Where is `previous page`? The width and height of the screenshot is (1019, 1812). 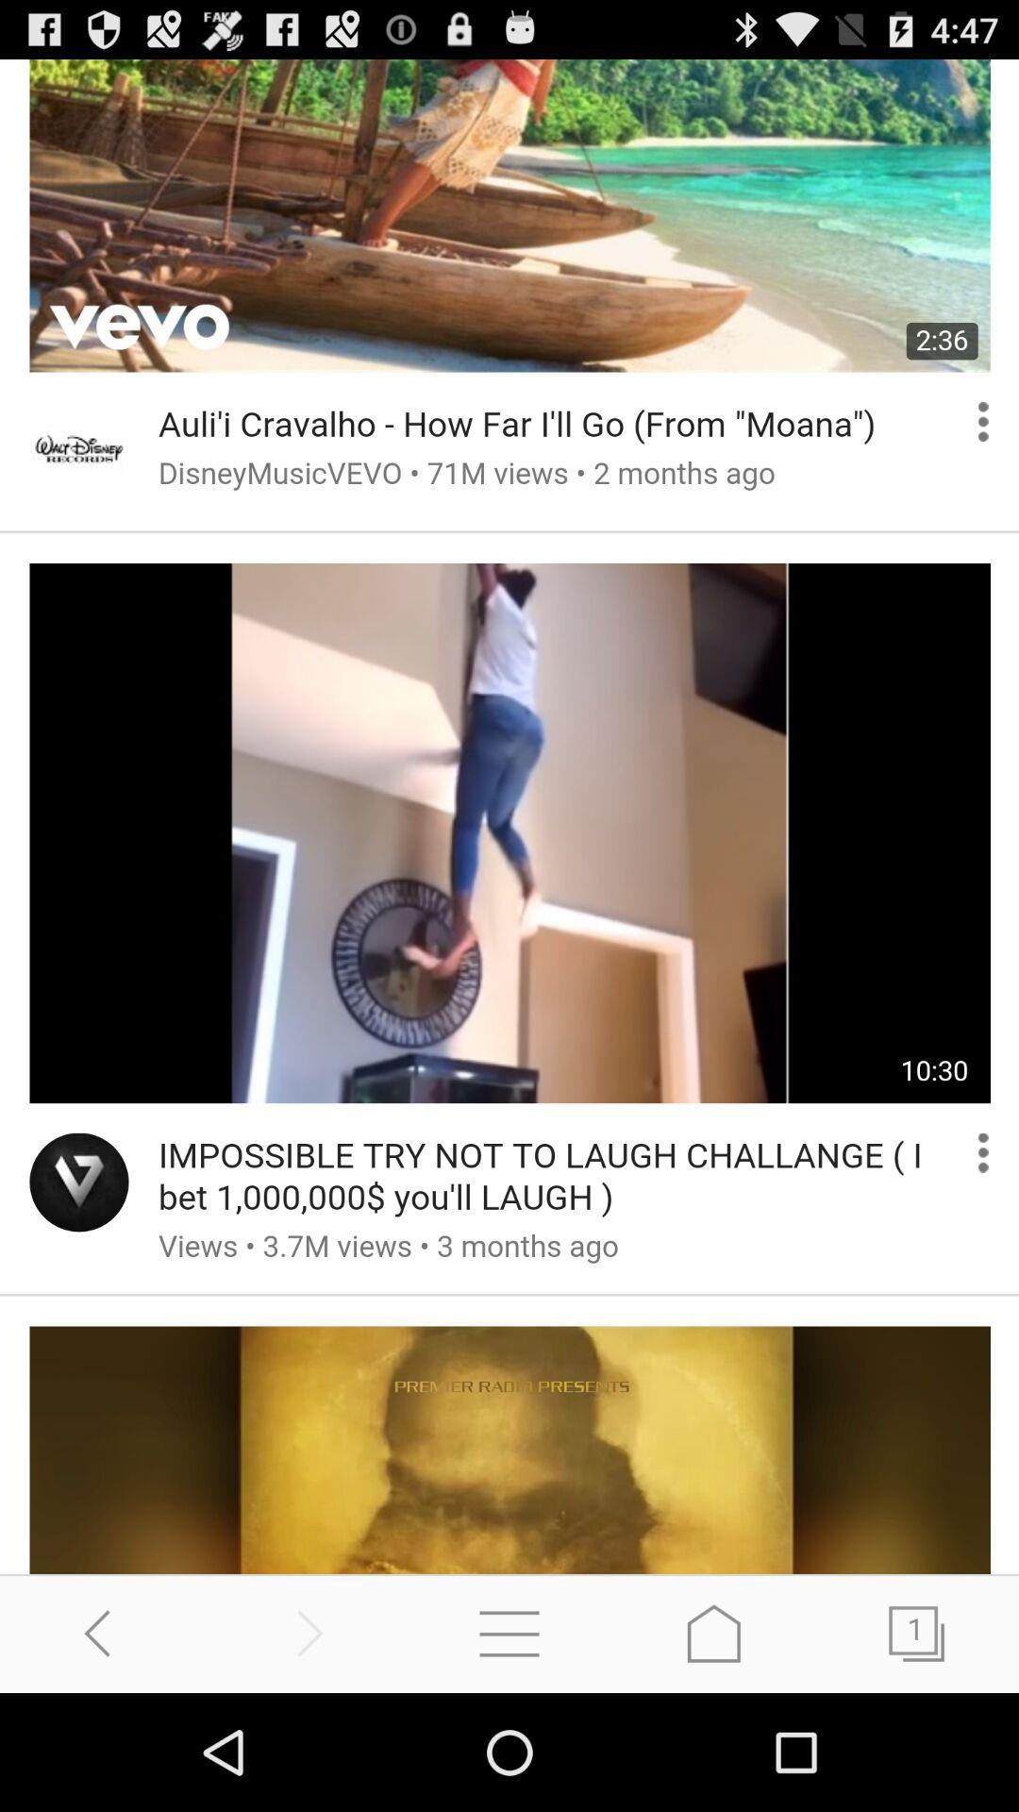 previous page is located at coordinates (102, 1633).